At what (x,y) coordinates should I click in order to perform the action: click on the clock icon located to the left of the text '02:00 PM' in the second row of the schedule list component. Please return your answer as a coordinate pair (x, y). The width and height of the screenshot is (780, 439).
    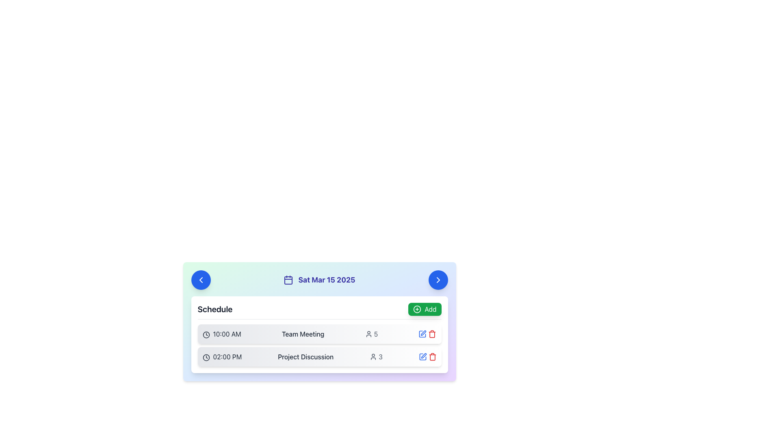
    Looking at the image, I should click on (206, 357).